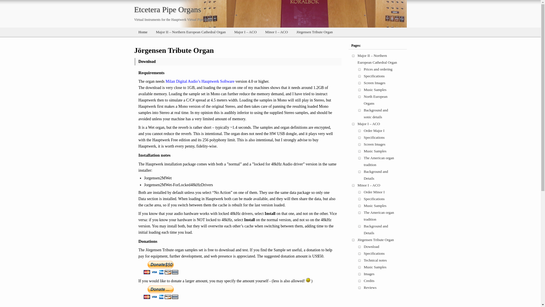 This screenshot has width=545, height=307. Describe the element at coordinates (364, 90) in the screenshot. I see `'Music Samples'` at that location.